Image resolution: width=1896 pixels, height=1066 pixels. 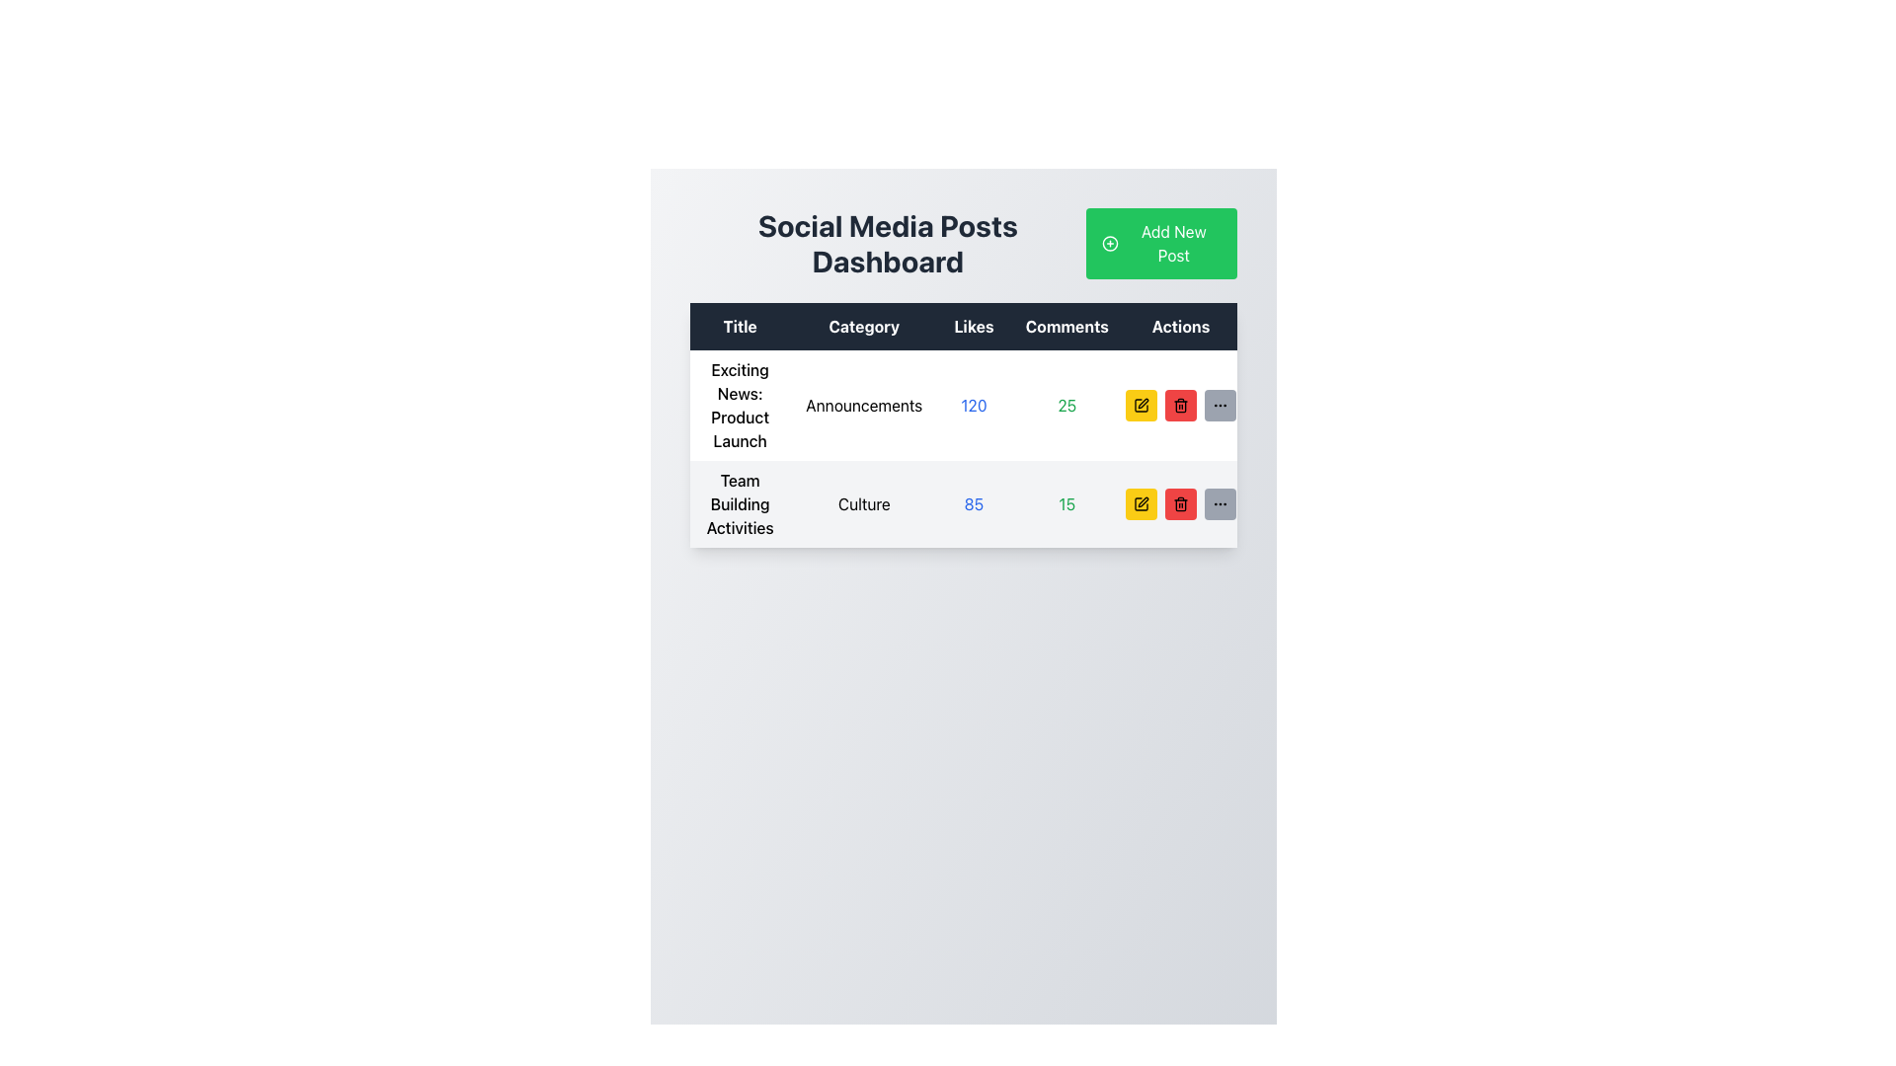 I want to click on the edit button located in the 'Actions' column of the second row in the table to initiate the edit function, so click(x=1142, y=502).